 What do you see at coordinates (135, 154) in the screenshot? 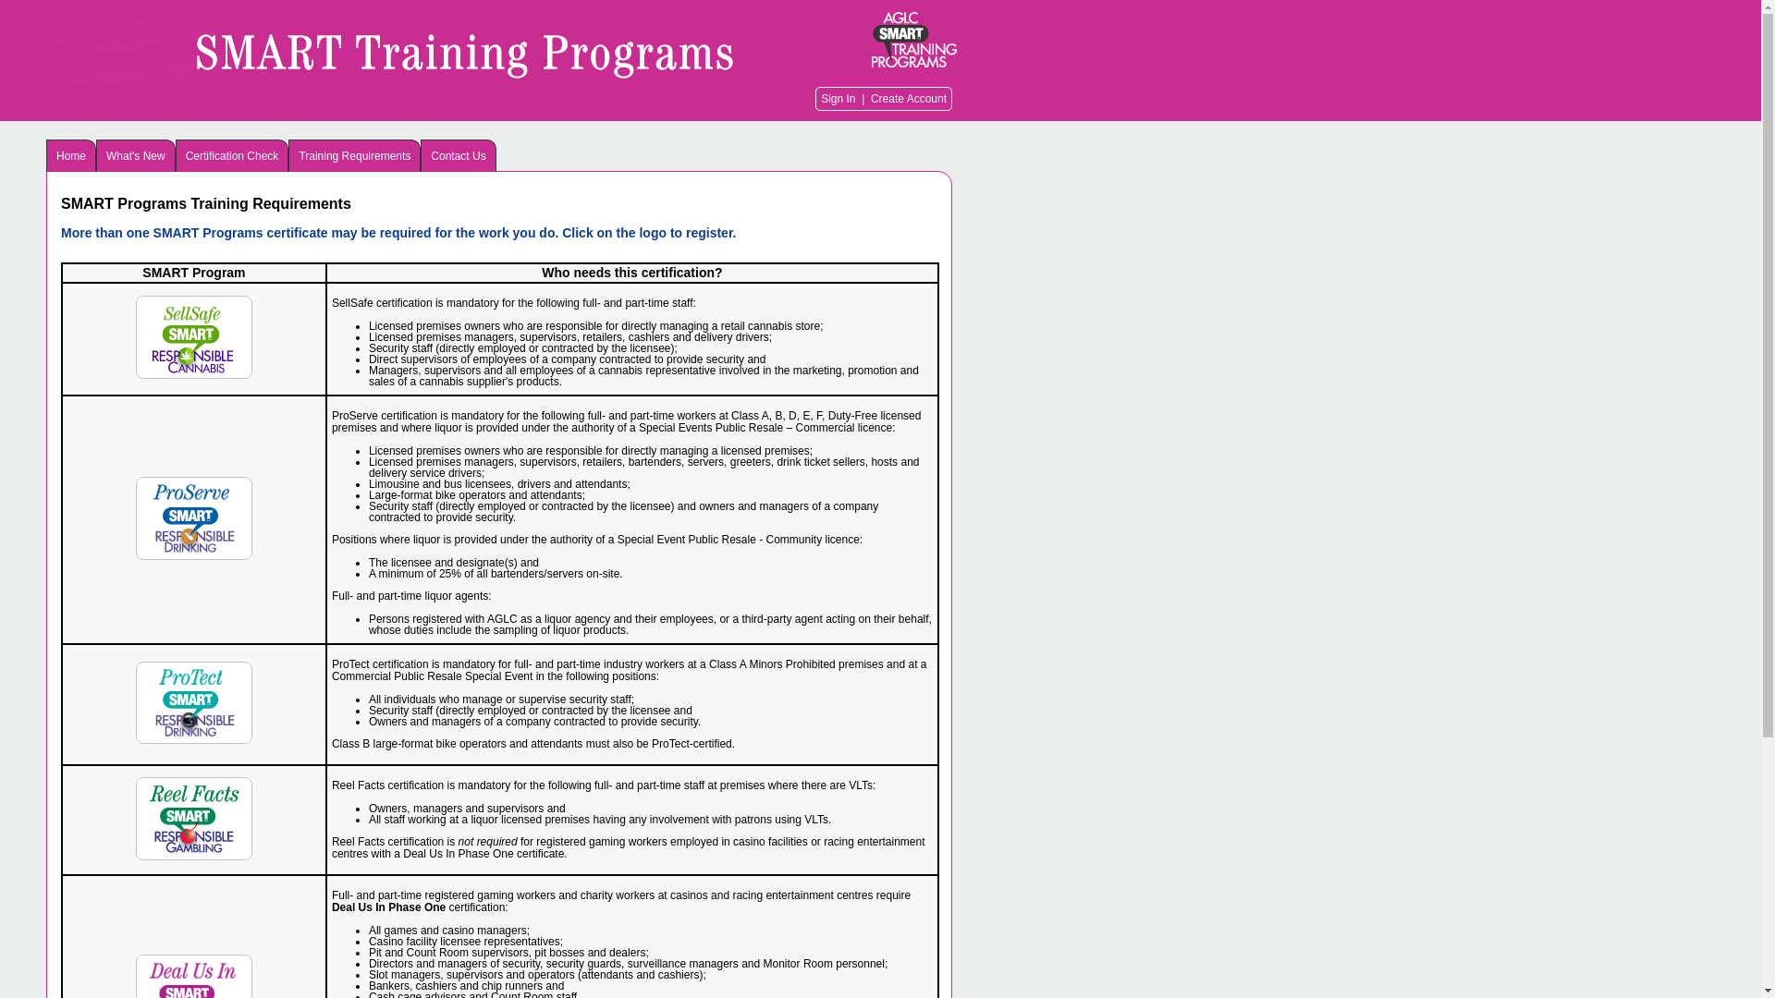
I see `'What's New'` at bounding box center [135, 154].